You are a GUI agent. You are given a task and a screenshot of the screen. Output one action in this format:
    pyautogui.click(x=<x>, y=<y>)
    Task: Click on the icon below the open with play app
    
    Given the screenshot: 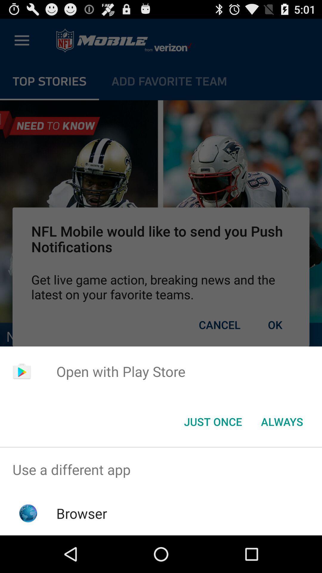 What is the action you would take?
    pyautogui.click(x=282, y=421)
    